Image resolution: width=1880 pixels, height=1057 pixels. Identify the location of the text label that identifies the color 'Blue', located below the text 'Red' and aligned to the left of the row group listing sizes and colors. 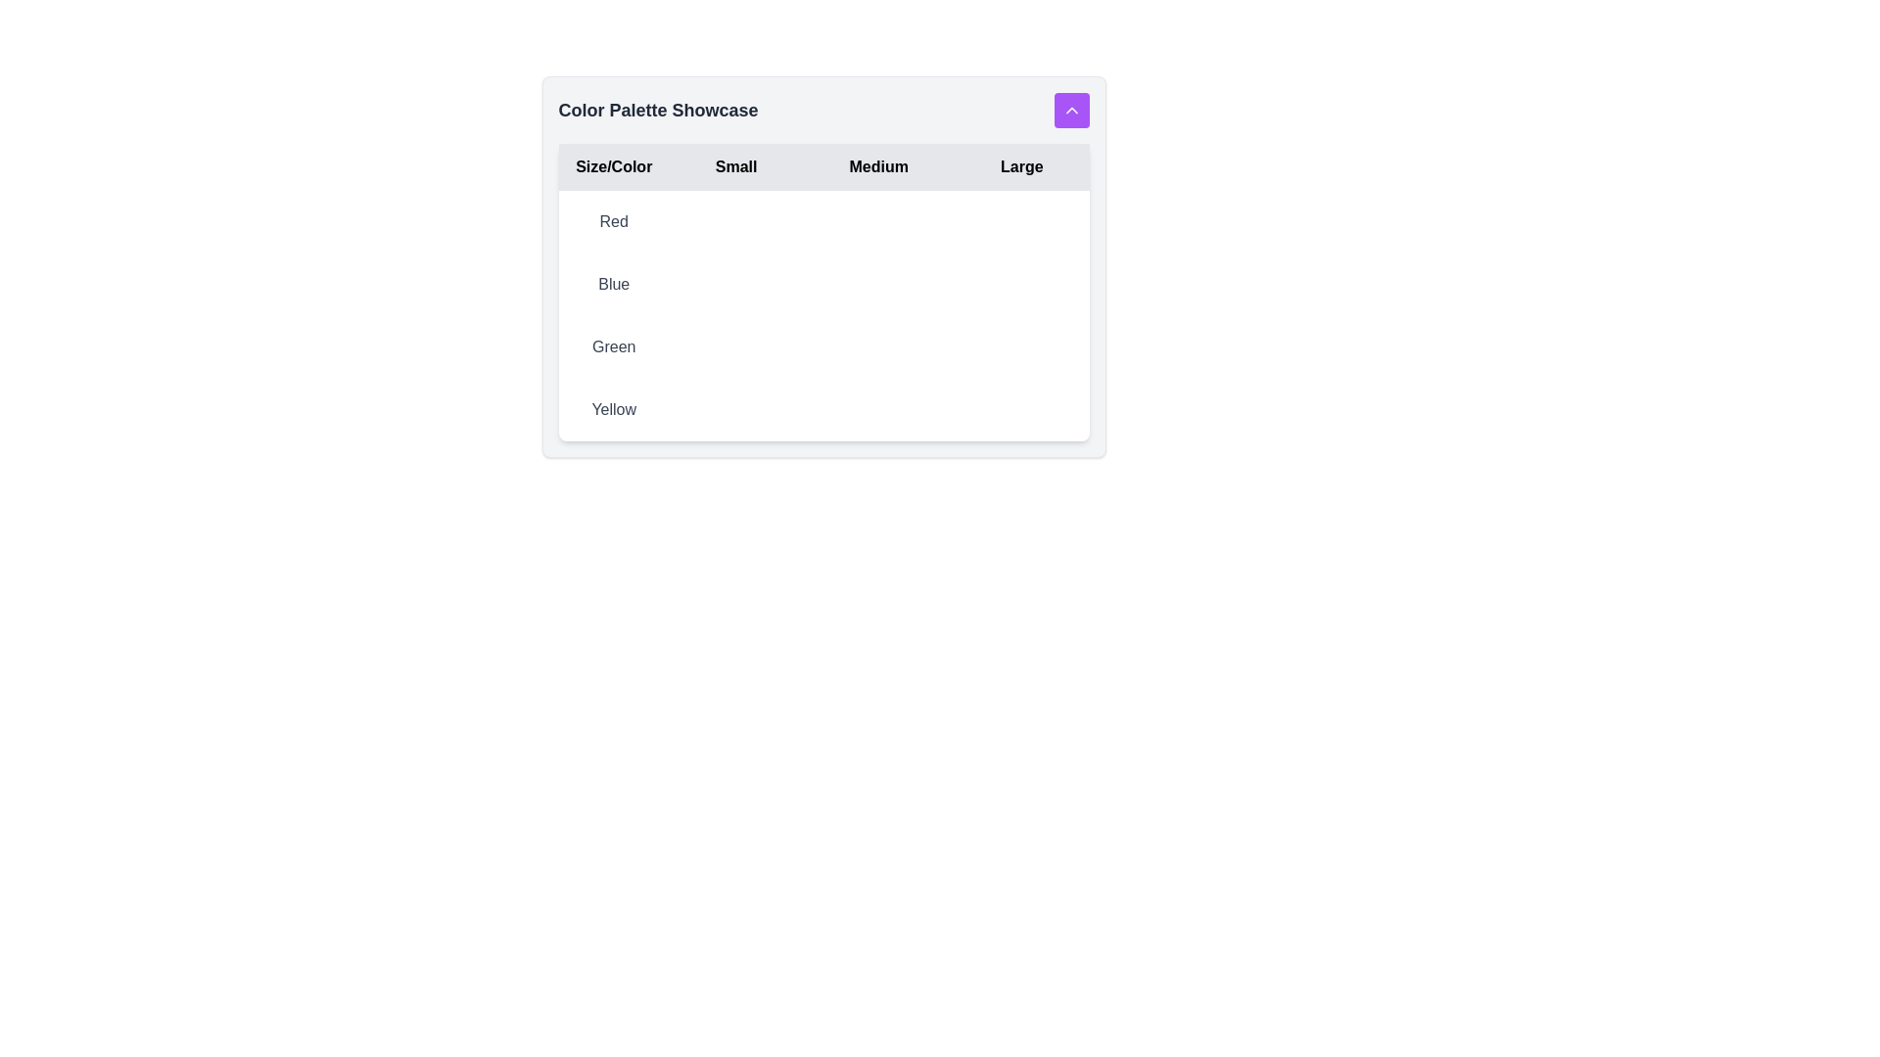
(613, 284).